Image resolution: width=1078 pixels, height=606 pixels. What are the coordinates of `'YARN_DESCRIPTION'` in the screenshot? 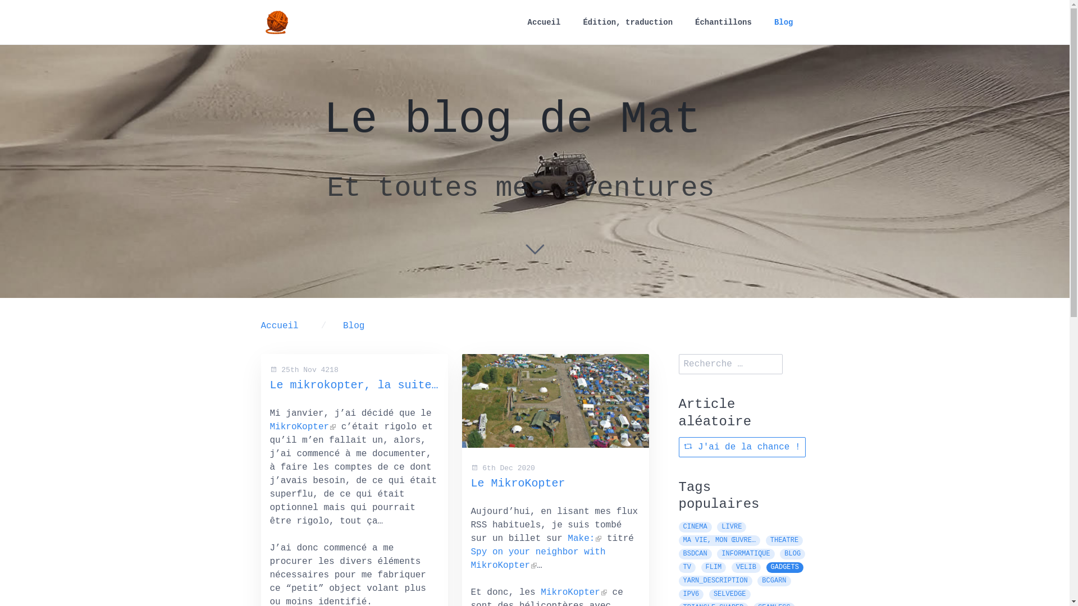 It's located at (678, 581).